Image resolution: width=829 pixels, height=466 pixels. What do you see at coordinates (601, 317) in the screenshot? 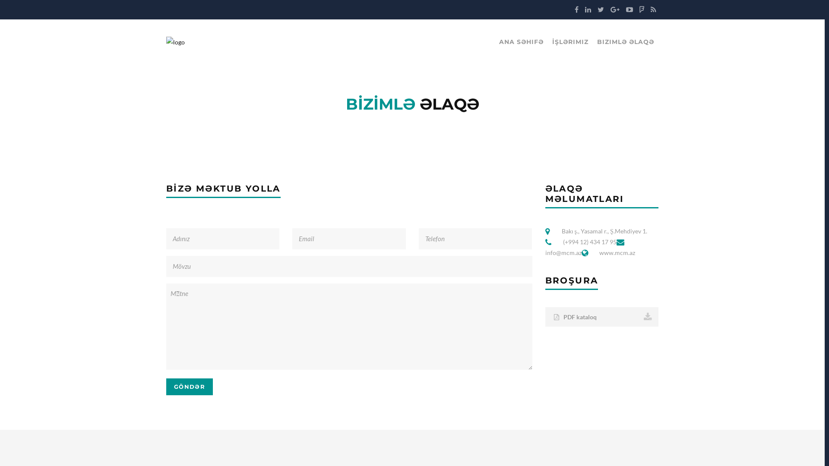
I see `'PDF kataloq'` at bounding box center [601, 317].